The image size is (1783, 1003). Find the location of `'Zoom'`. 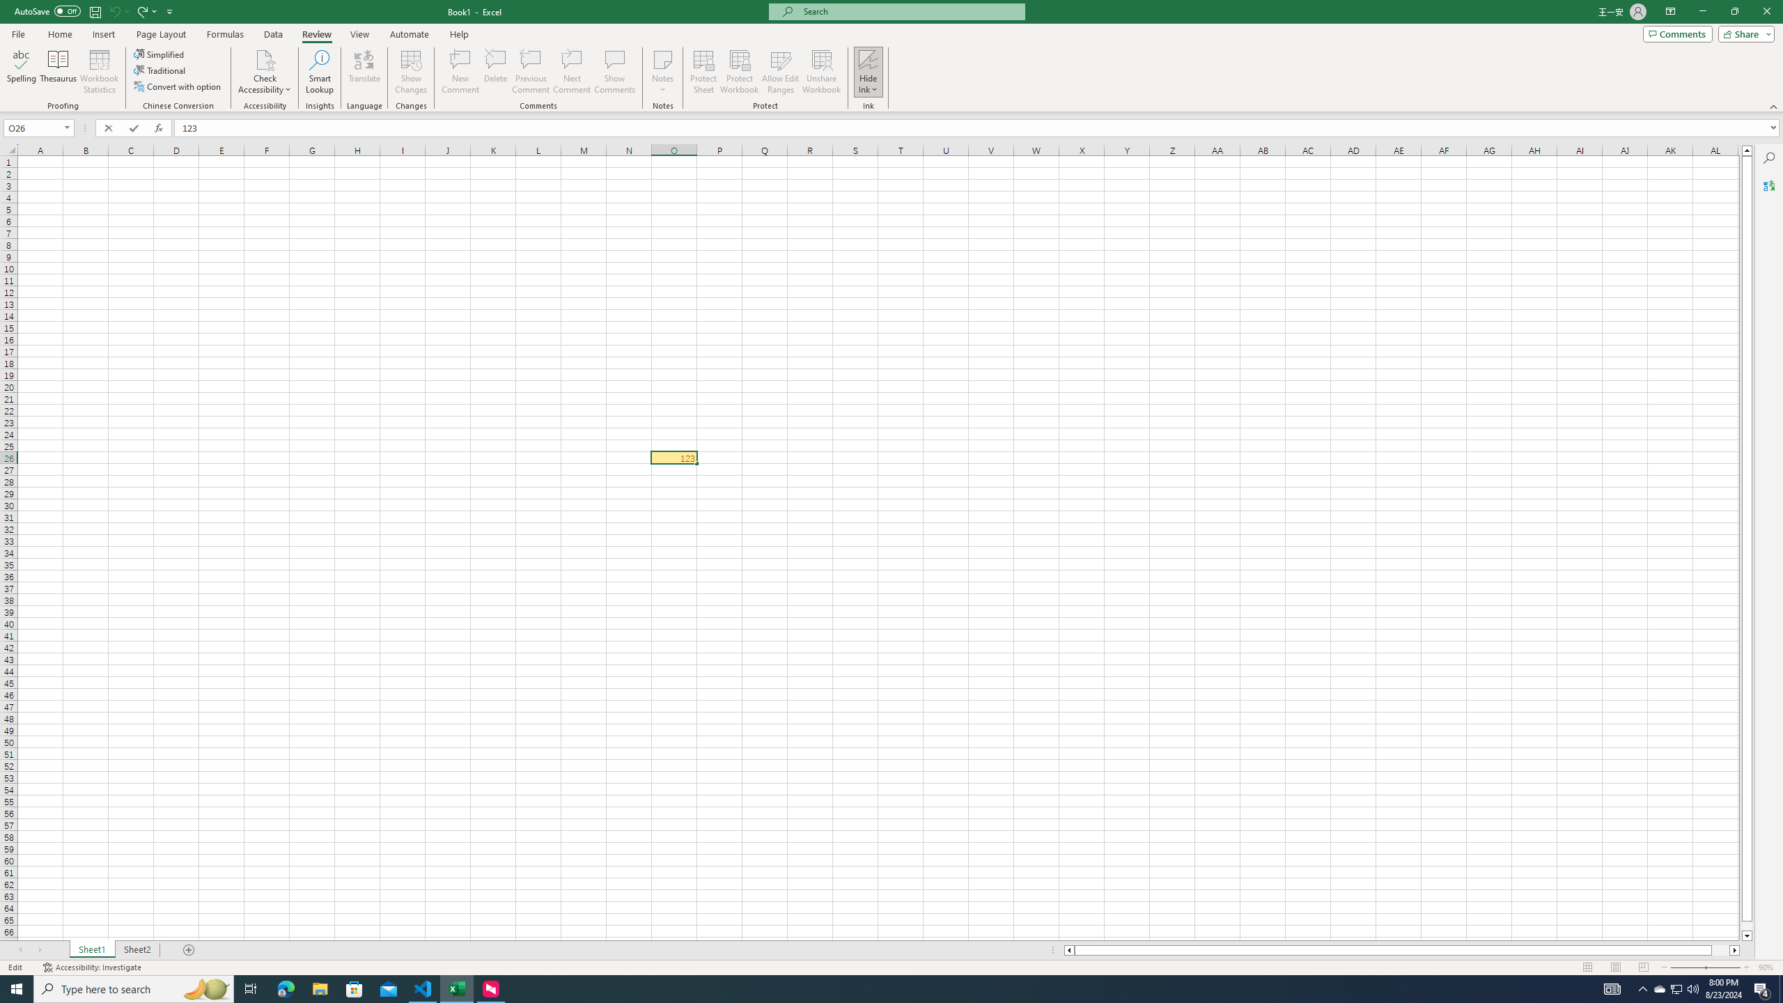

'Zoom' is located at coordinates (1704, 967).